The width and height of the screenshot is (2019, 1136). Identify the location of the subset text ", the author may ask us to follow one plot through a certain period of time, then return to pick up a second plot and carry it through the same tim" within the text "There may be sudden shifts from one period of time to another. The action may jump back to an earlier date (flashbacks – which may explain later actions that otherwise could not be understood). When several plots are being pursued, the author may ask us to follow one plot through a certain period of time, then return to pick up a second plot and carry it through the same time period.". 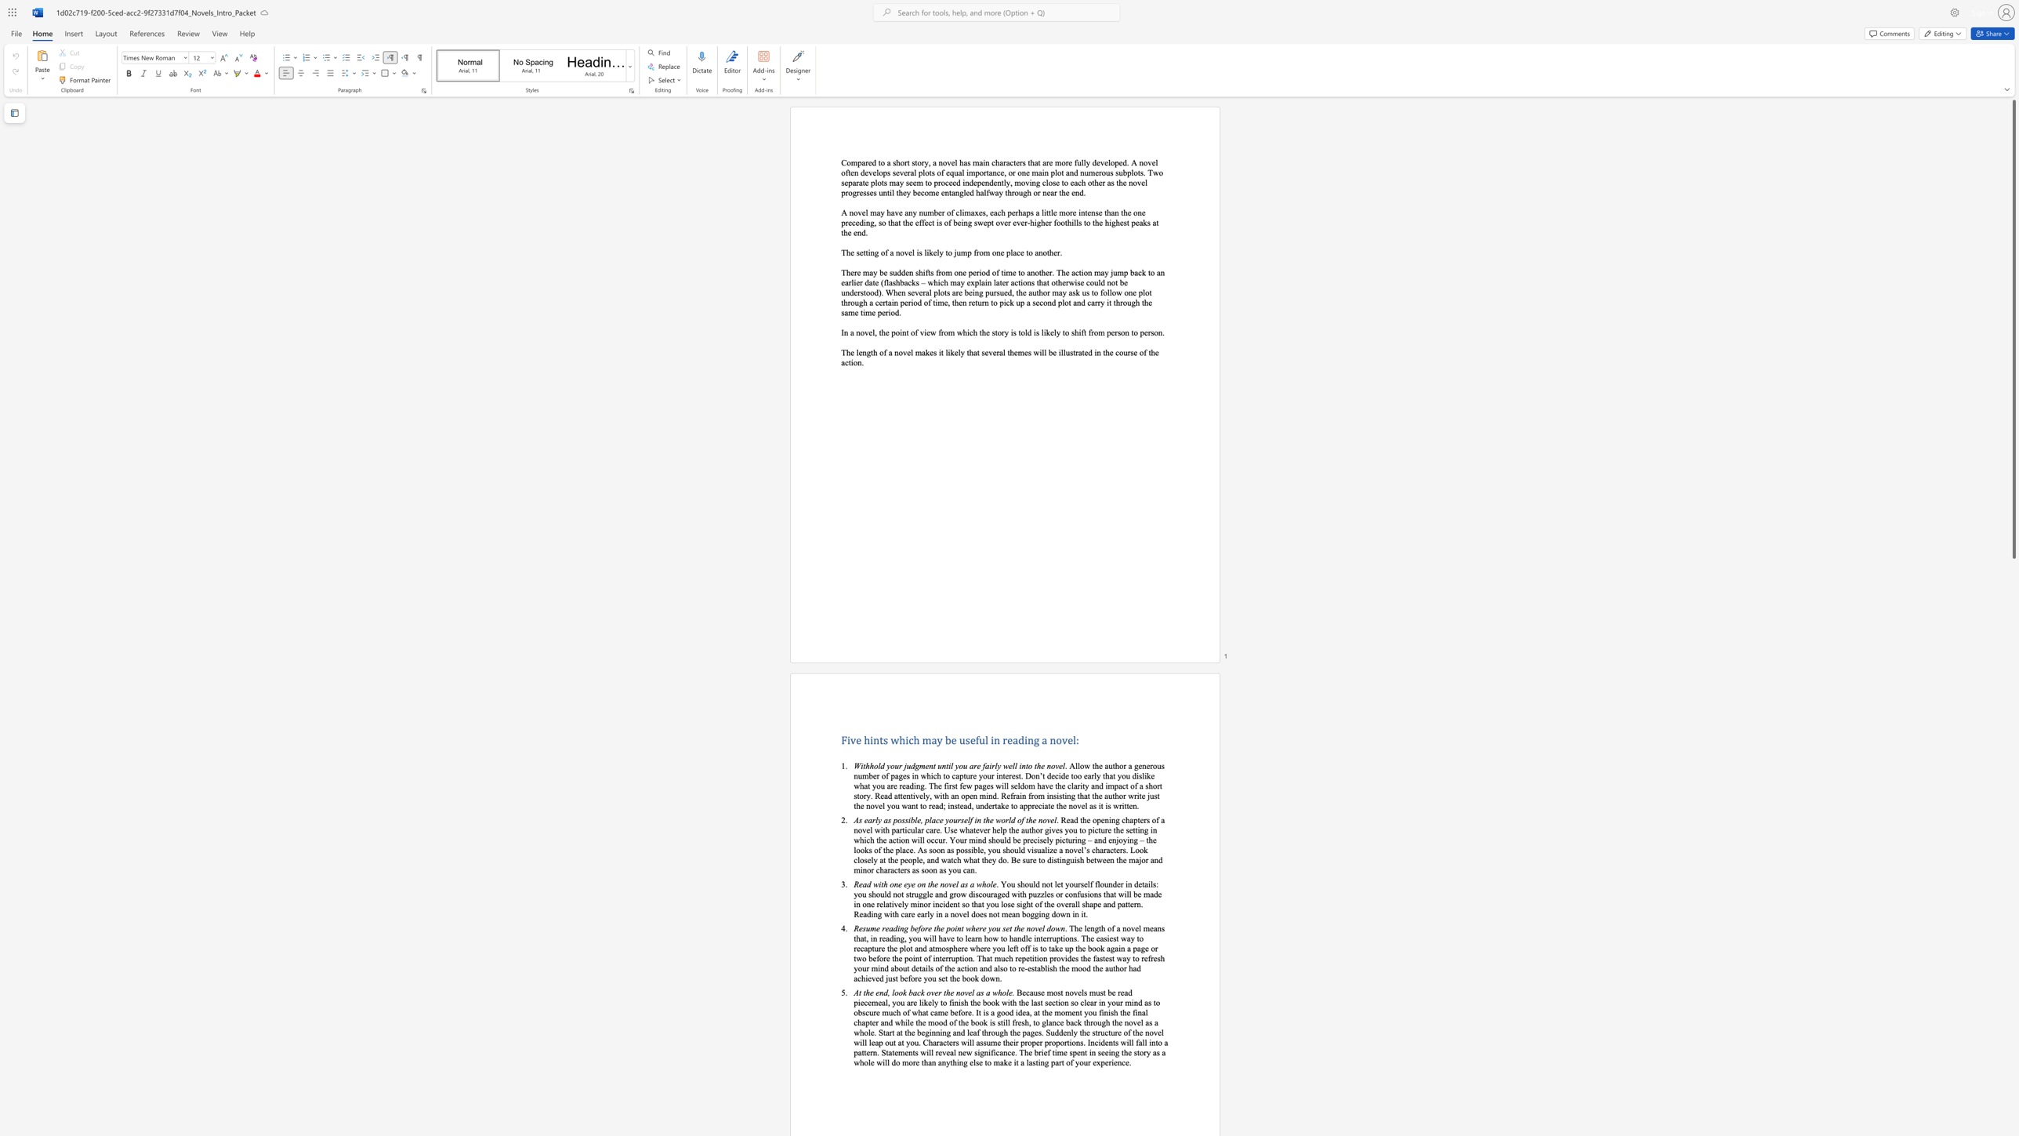
(1012, 292).